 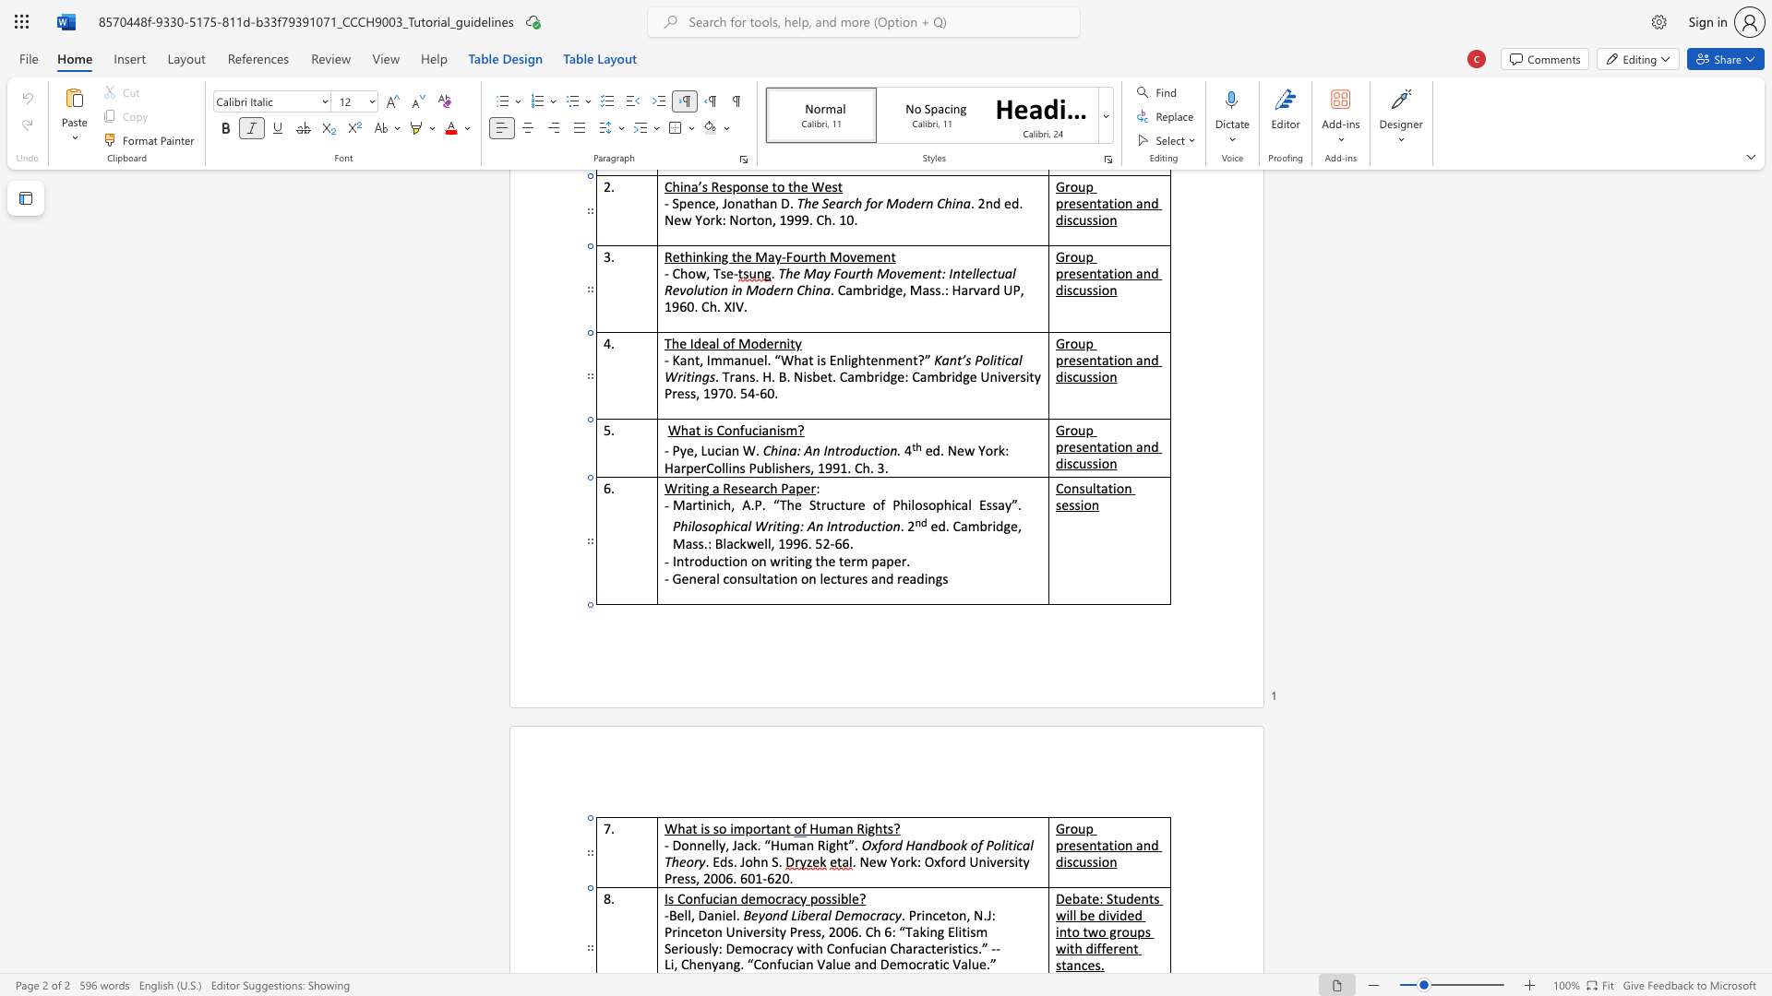 What do you see at coordinates (982, 963) in the screenshot?
I see `the 7th character "e" in the text` at bounding box center [982, 963].